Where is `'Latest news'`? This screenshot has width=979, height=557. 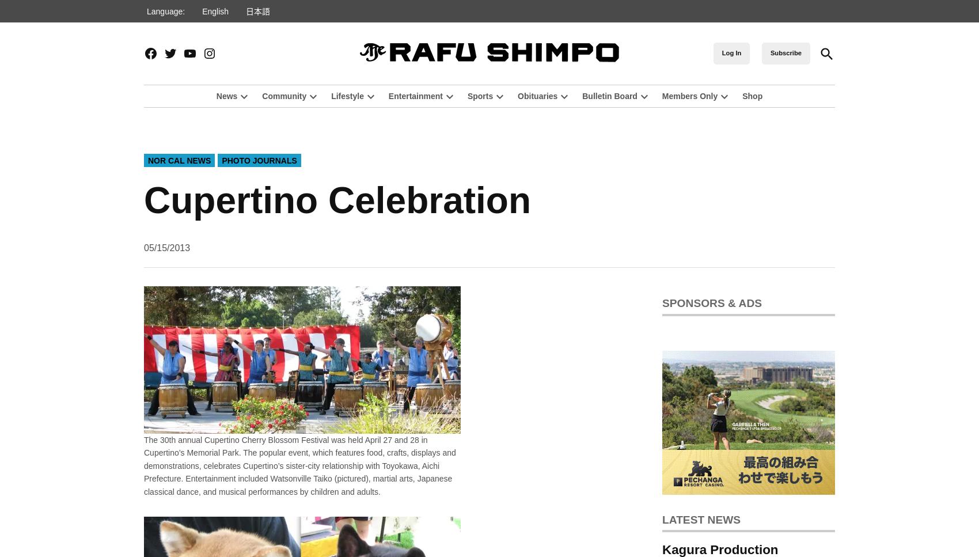 'Latest news' is located at coordinates (662, 519).